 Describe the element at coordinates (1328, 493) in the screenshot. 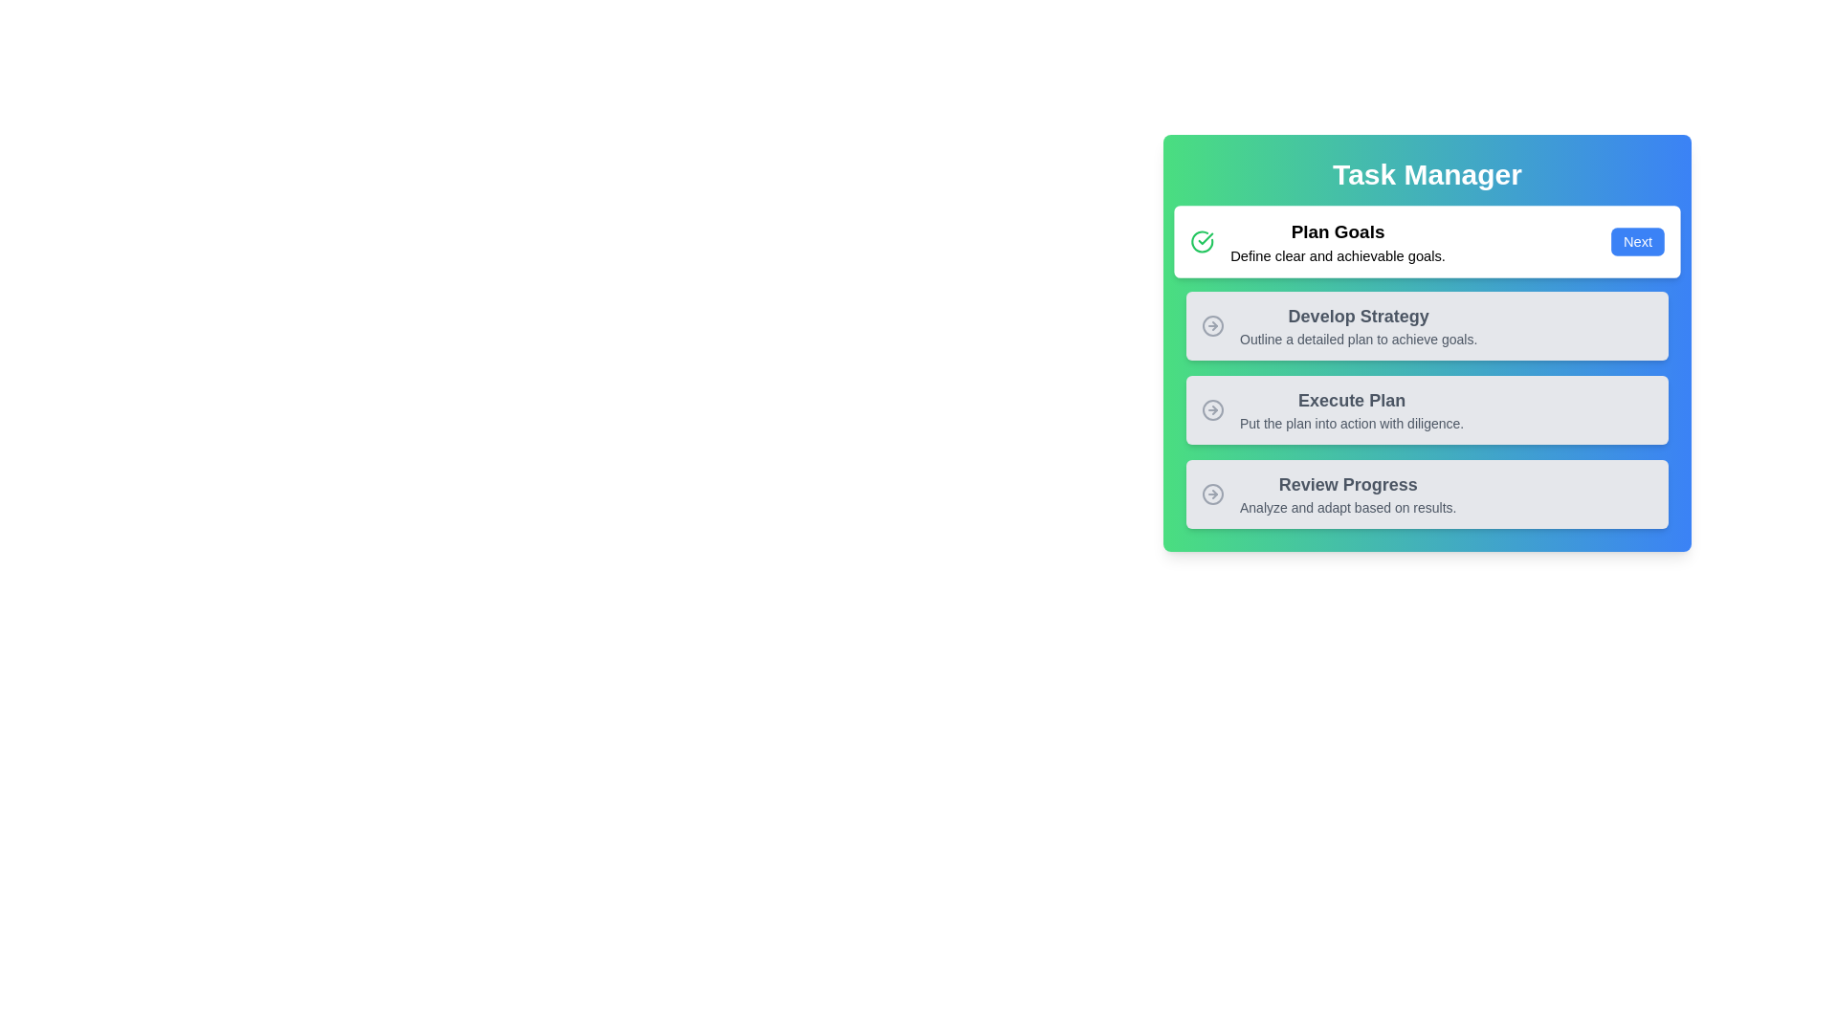

I see `the list item titled 'Review Progress' in the Task Manager` at that location.